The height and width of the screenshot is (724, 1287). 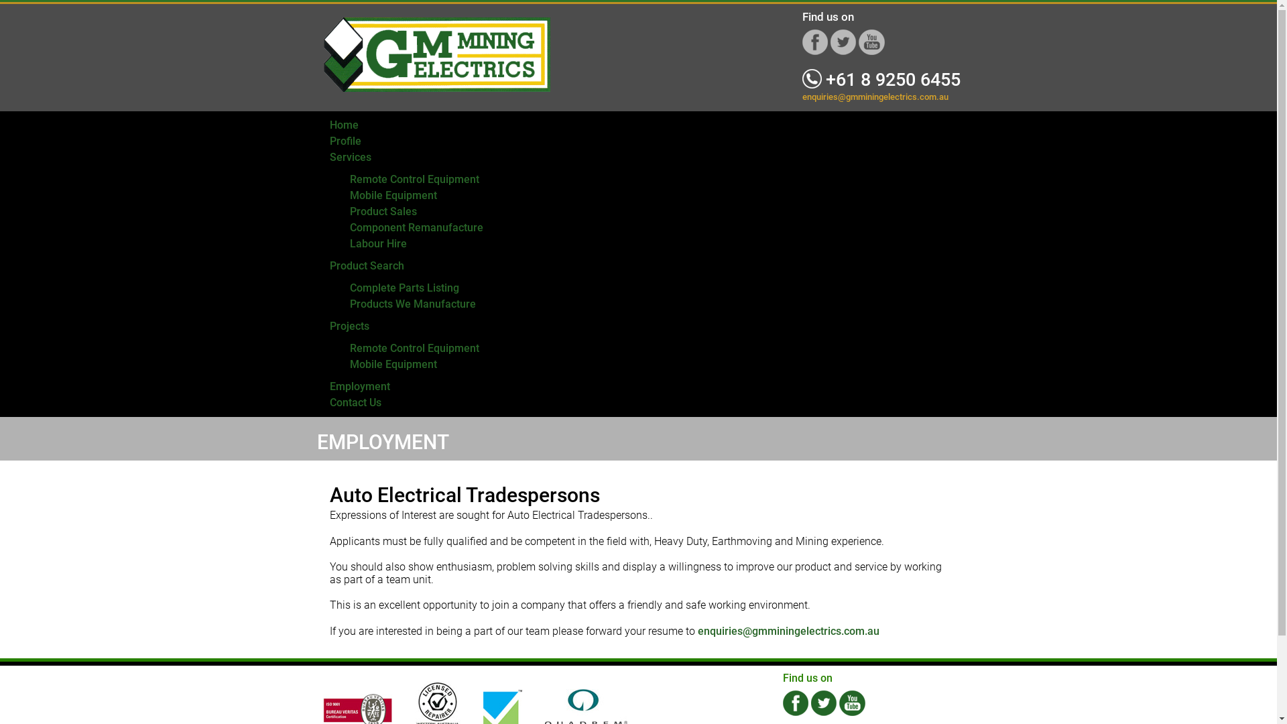 I want to click on 'Home', so click(x=344, y=125).